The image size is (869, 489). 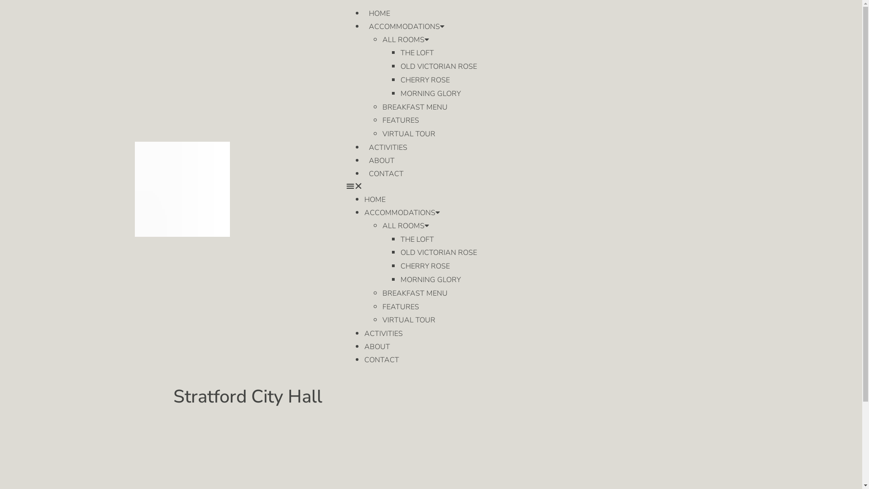 What do you see at coordinates (400, 307) in the screenshot?
I see `'FEATURES'` at bounding box center [400, 307].